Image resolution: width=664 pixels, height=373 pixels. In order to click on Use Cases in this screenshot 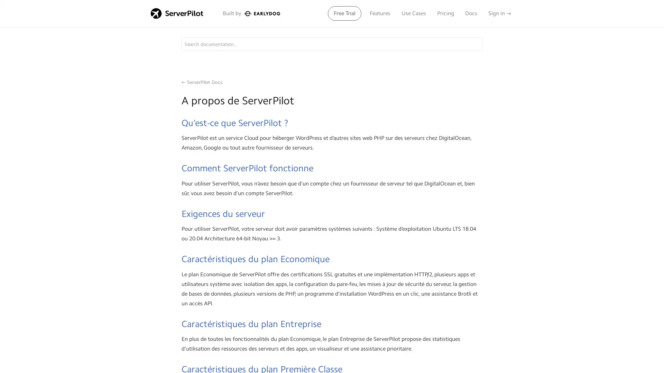, I will do `click(414, 13)`.